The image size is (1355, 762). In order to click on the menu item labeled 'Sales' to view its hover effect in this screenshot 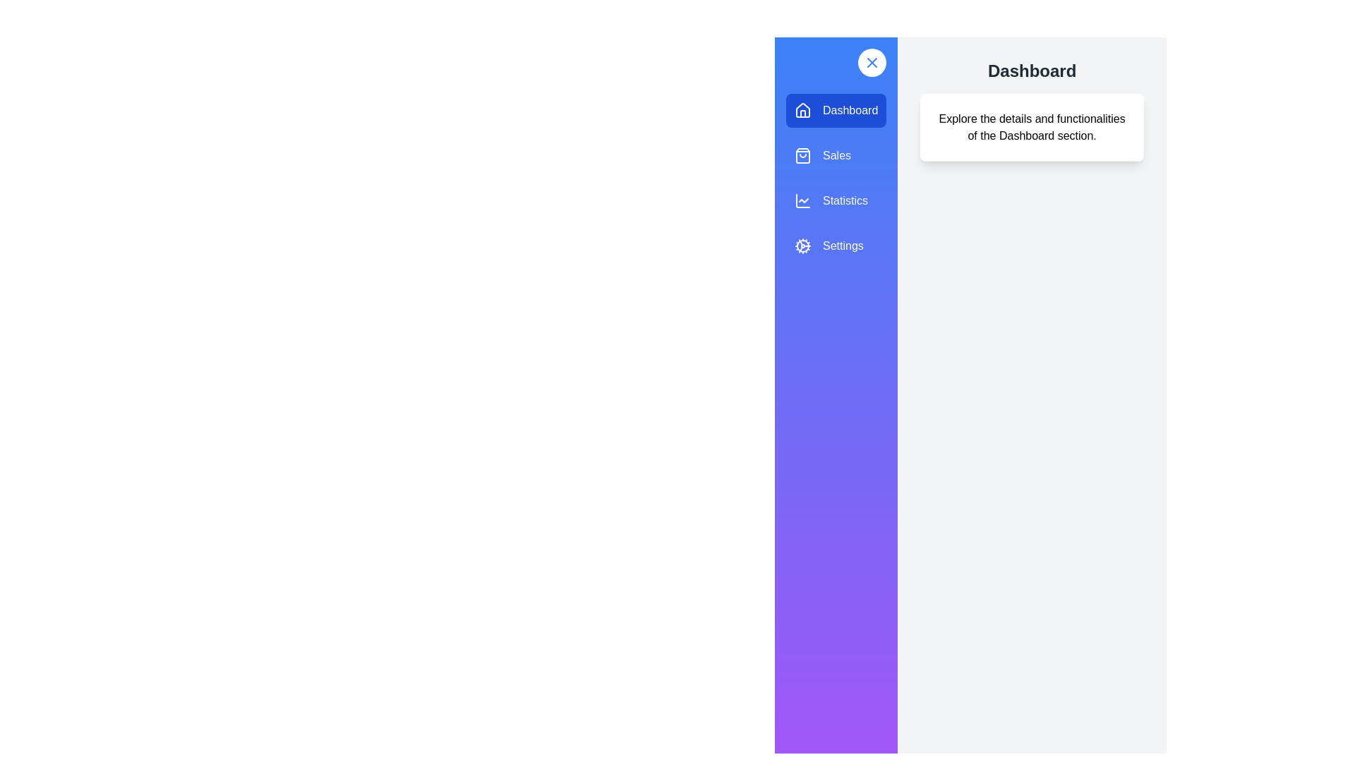, I will do `click(836, 155)`.